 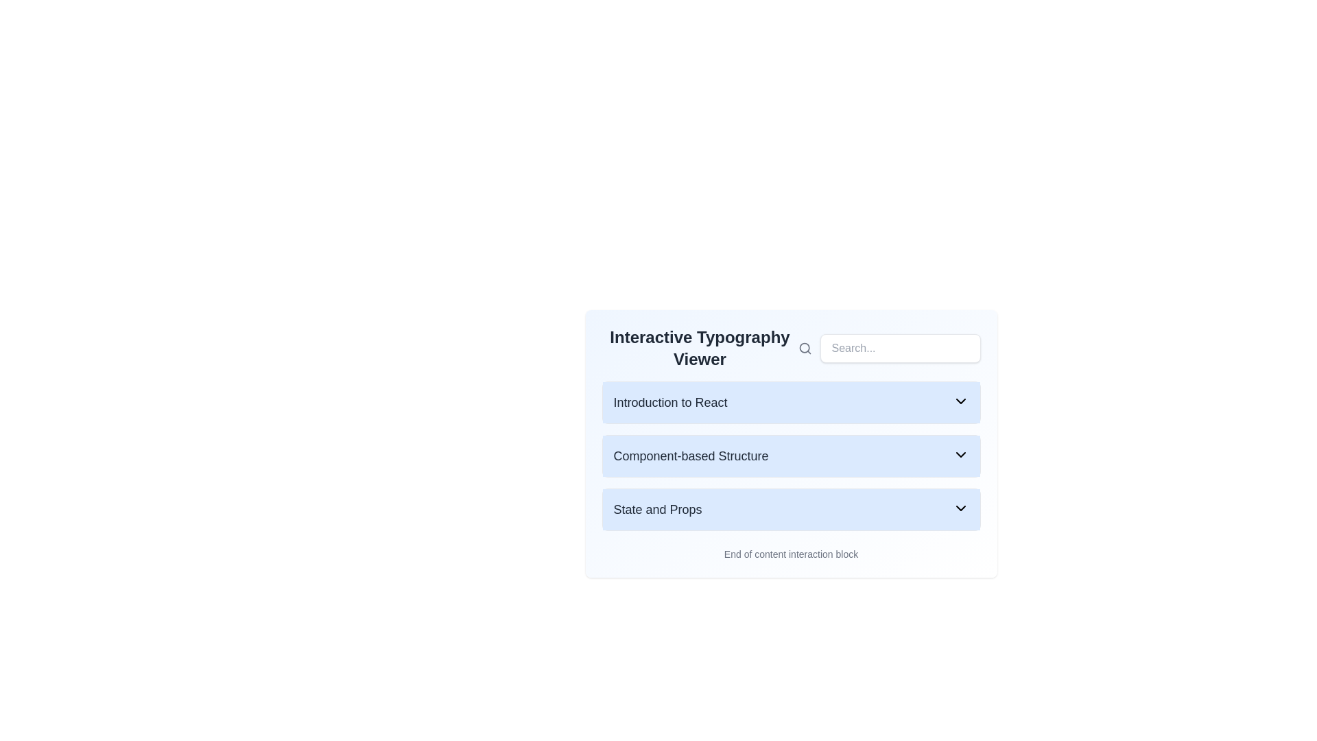 What do you see at coordinates (791, 444) in the screenshot?
I see `the interactive list item associated with the 'Component-based Structure' section` at bounding box center [791, 444].